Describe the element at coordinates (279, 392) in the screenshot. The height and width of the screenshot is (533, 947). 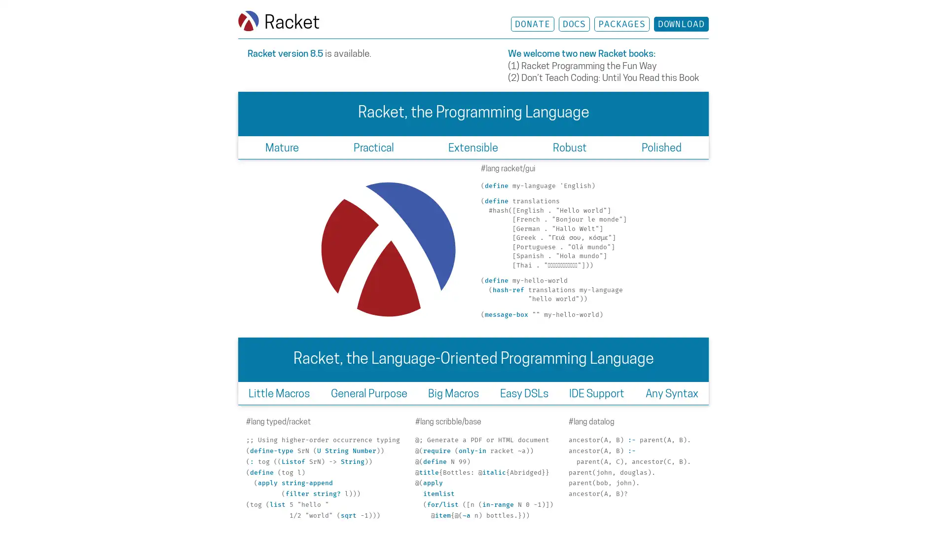
I see `Little Macros` at that location.